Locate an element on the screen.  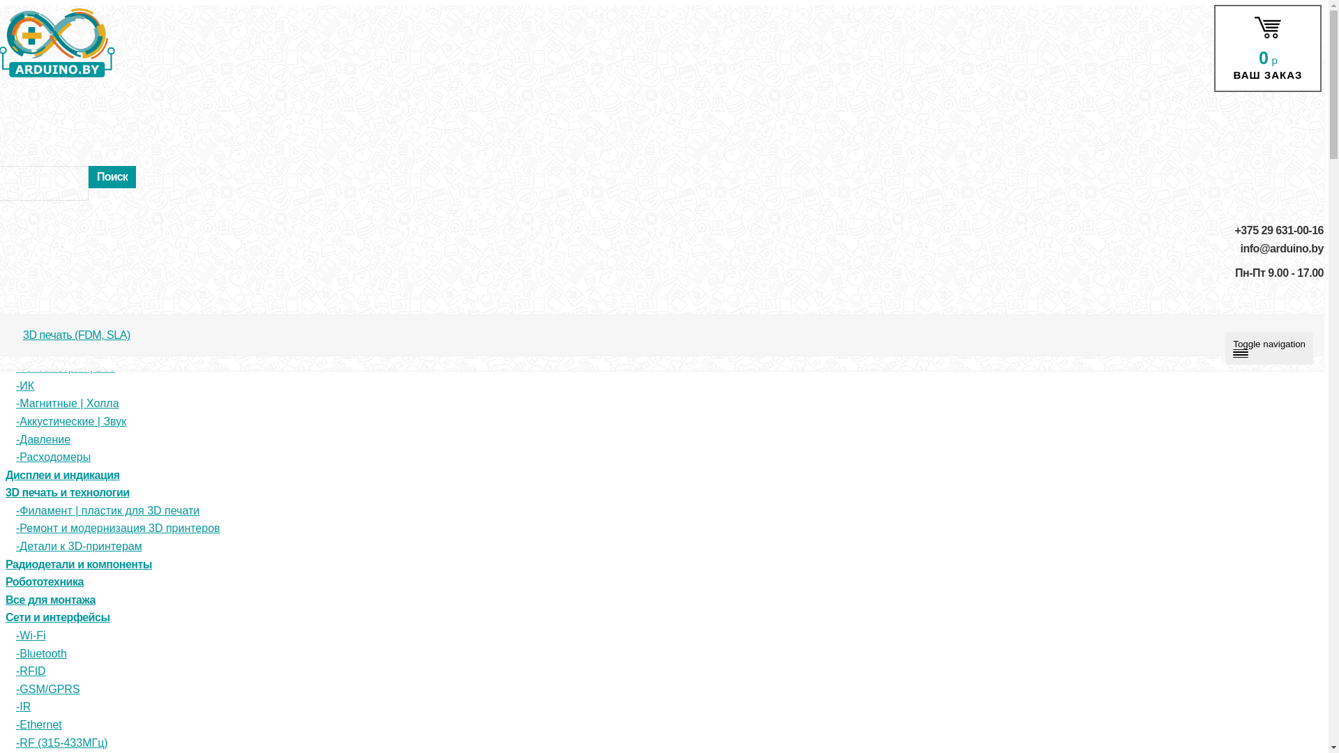
'Bluetooth' is located at coordinates (41, 653).